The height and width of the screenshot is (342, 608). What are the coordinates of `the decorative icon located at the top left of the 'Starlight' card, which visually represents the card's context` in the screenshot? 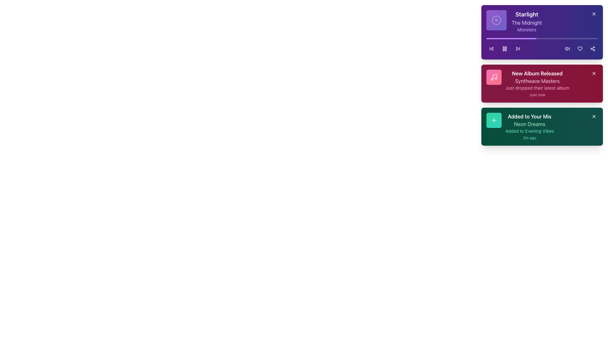 It's located at (496, 20).